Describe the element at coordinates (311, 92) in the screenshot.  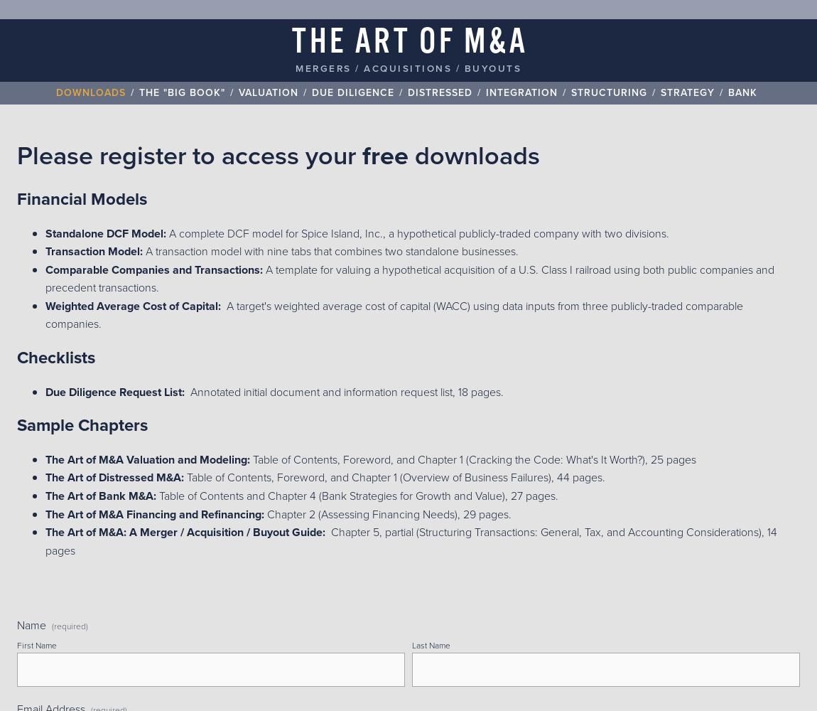
I see `'Due Diligence'` at that location.